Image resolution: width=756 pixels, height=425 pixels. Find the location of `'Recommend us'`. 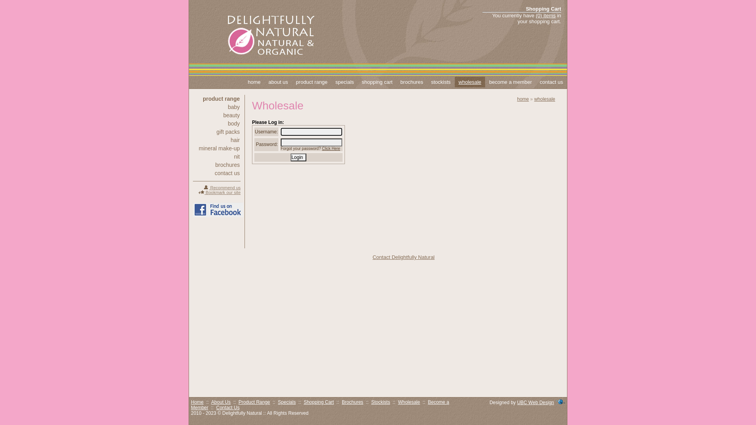

'Recommend us' is located at coordinates (221, 188).